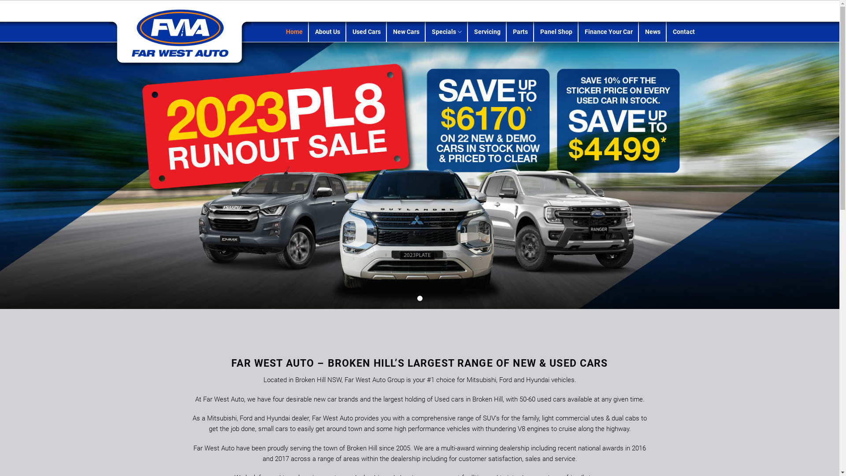  I want to click on 'Parts', so click(512, 31).